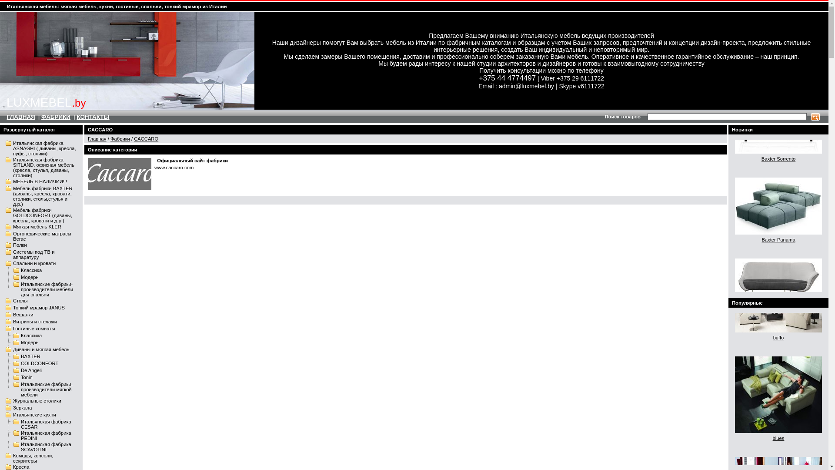  I want to click on 'www.caccaro.com', so click(174, 167).